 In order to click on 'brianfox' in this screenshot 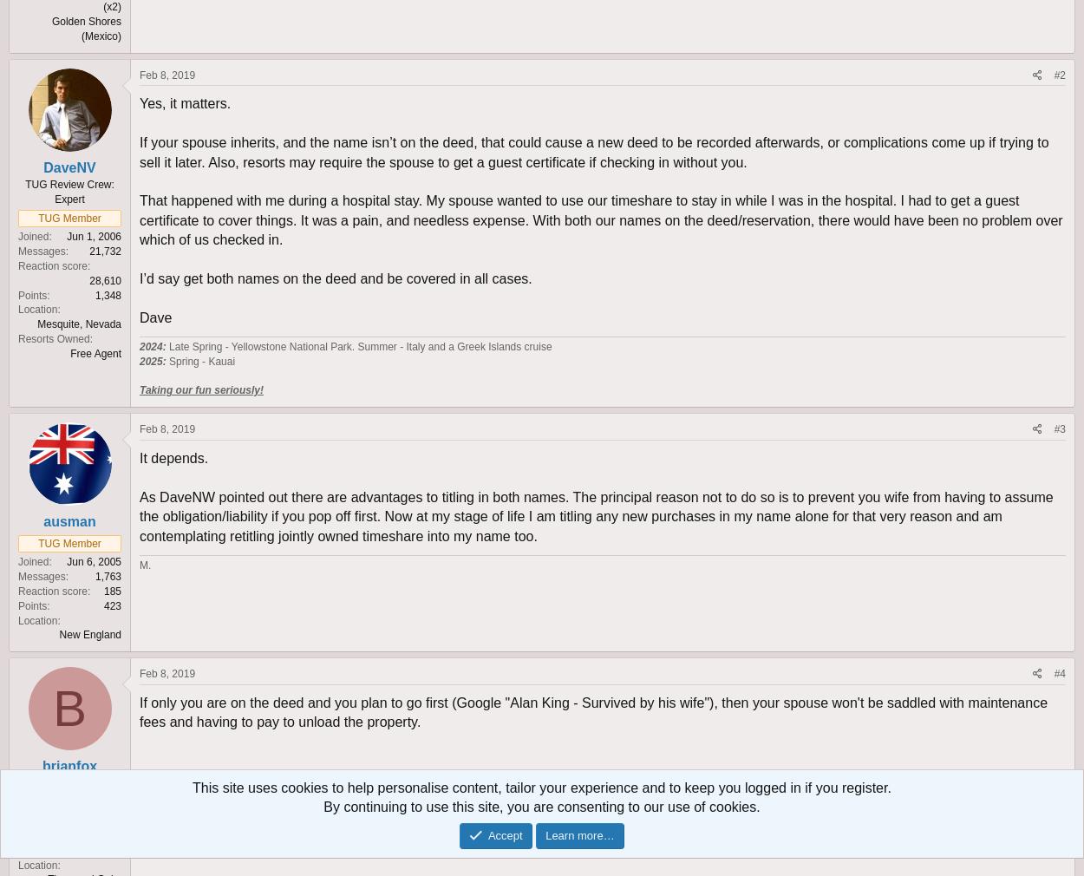, I will do `click(69, 766)`.